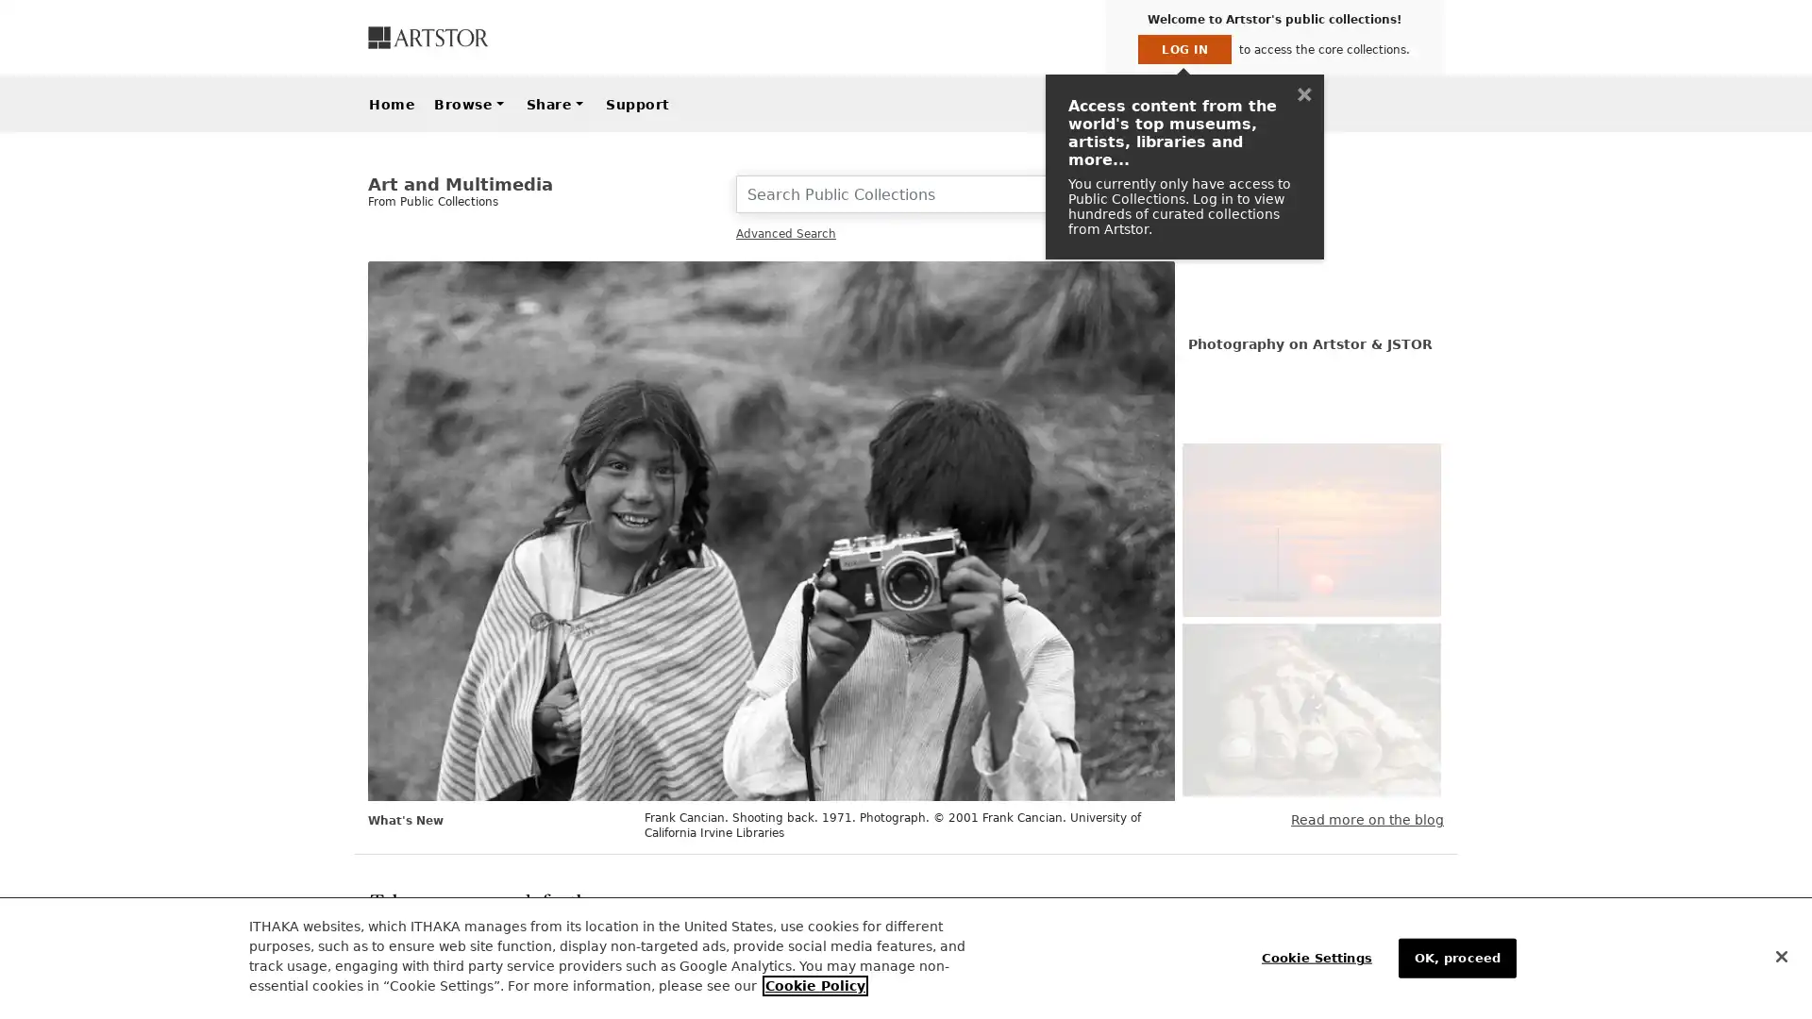 This screenshot has width=1812, height=1019. I want to click on OK, proceed, so click(1455, 957).